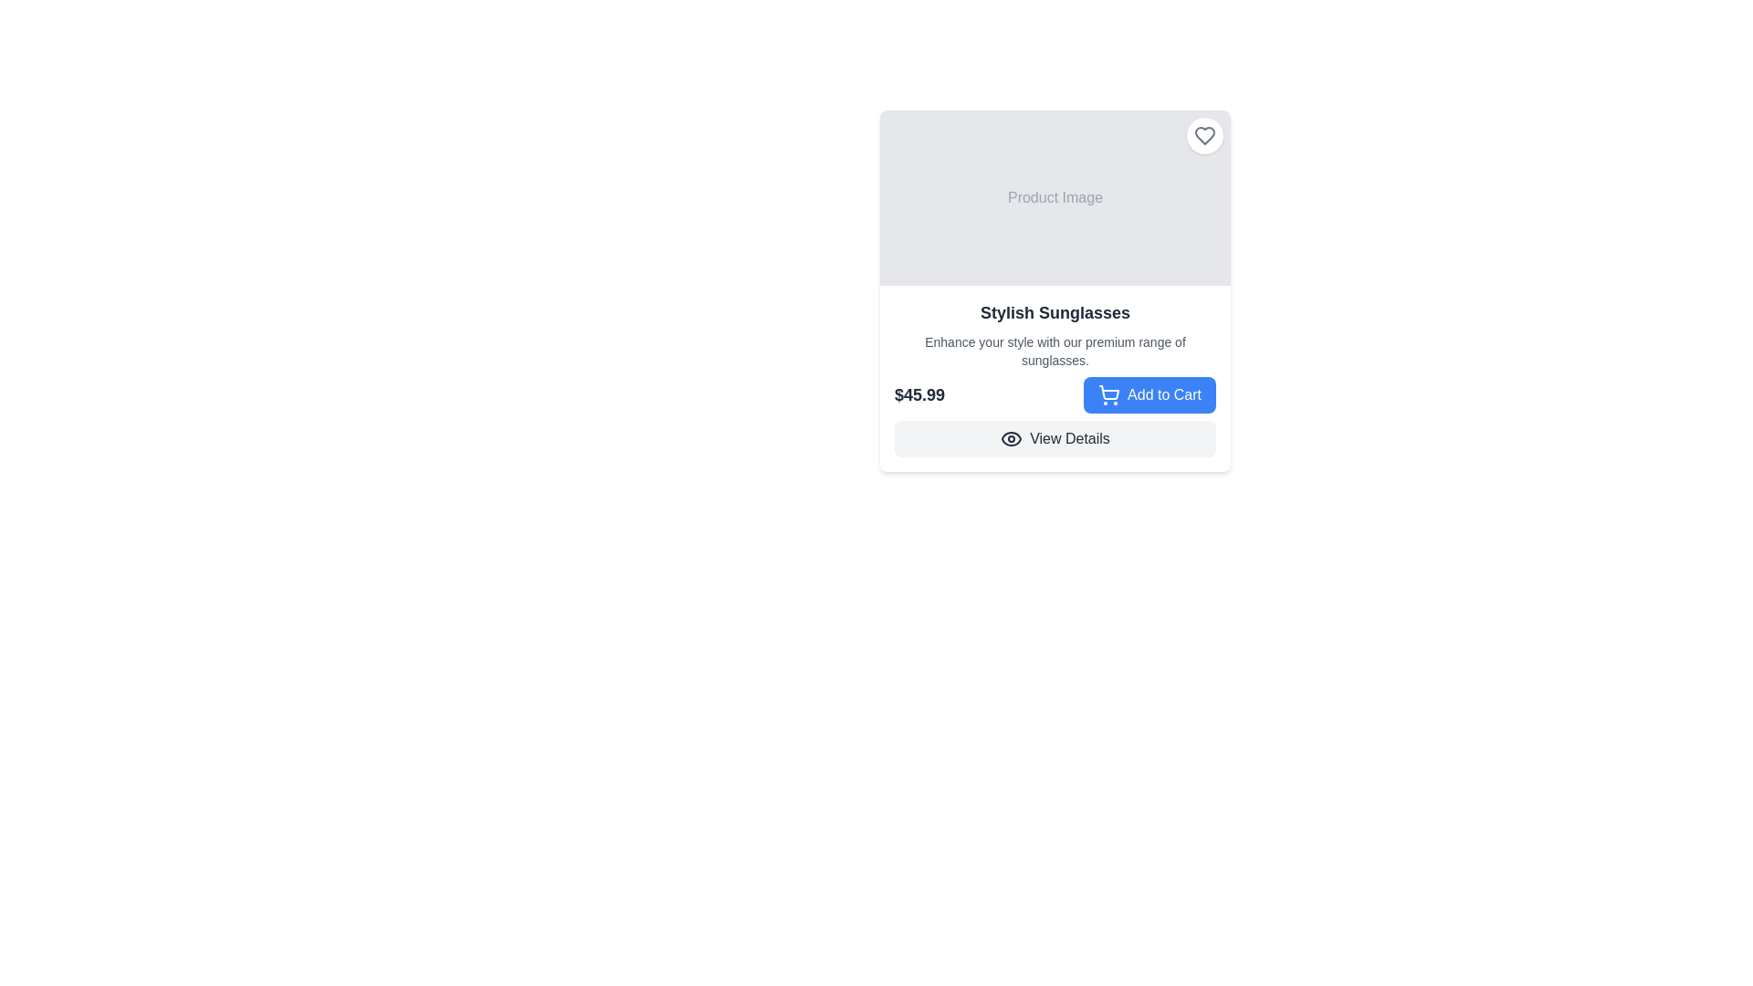 The image size is (1753, 986). What do you see at coordinates (1055, 312) in the screenshot?
I see `product title text 'Stylish Sunglasses' displayed in the product card layout, which is centered above the description text` at bounding box center [1055, 312].